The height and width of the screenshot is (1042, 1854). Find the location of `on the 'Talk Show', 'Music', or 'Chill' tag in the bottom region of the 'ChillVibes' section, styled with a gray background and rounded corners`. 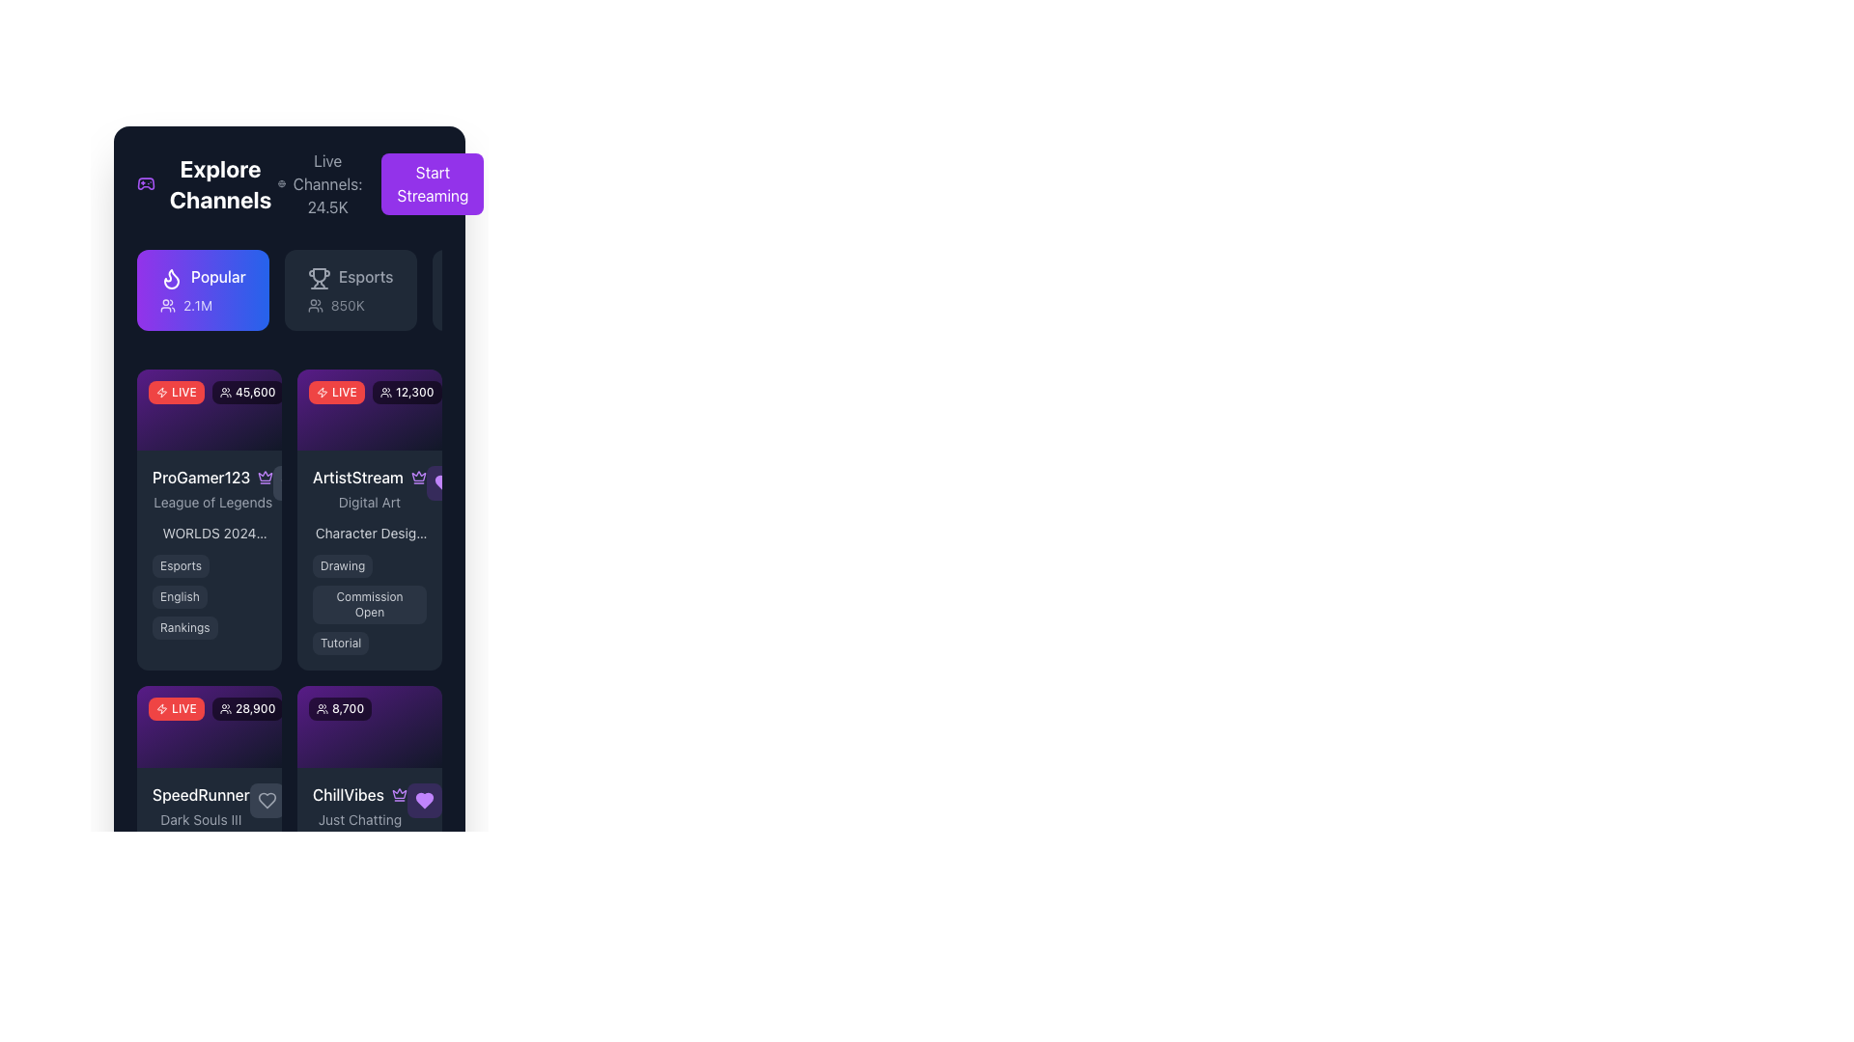

on the 'Talk Show', 'Music', or 'Chill' tag in the bottom region of the 'ChillVibes' section, styled with a gray background and rounded corners is located at coordinates (370, 898).